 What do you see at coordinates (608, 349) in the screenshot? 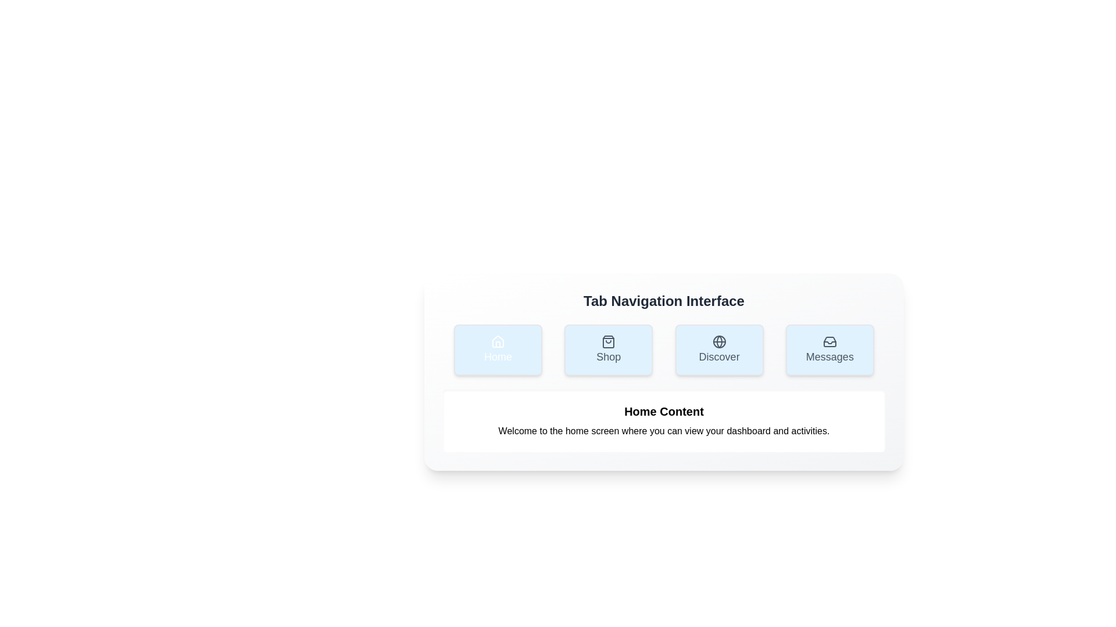
I see `the 'Shop' button` at bounding box center [608, 349].